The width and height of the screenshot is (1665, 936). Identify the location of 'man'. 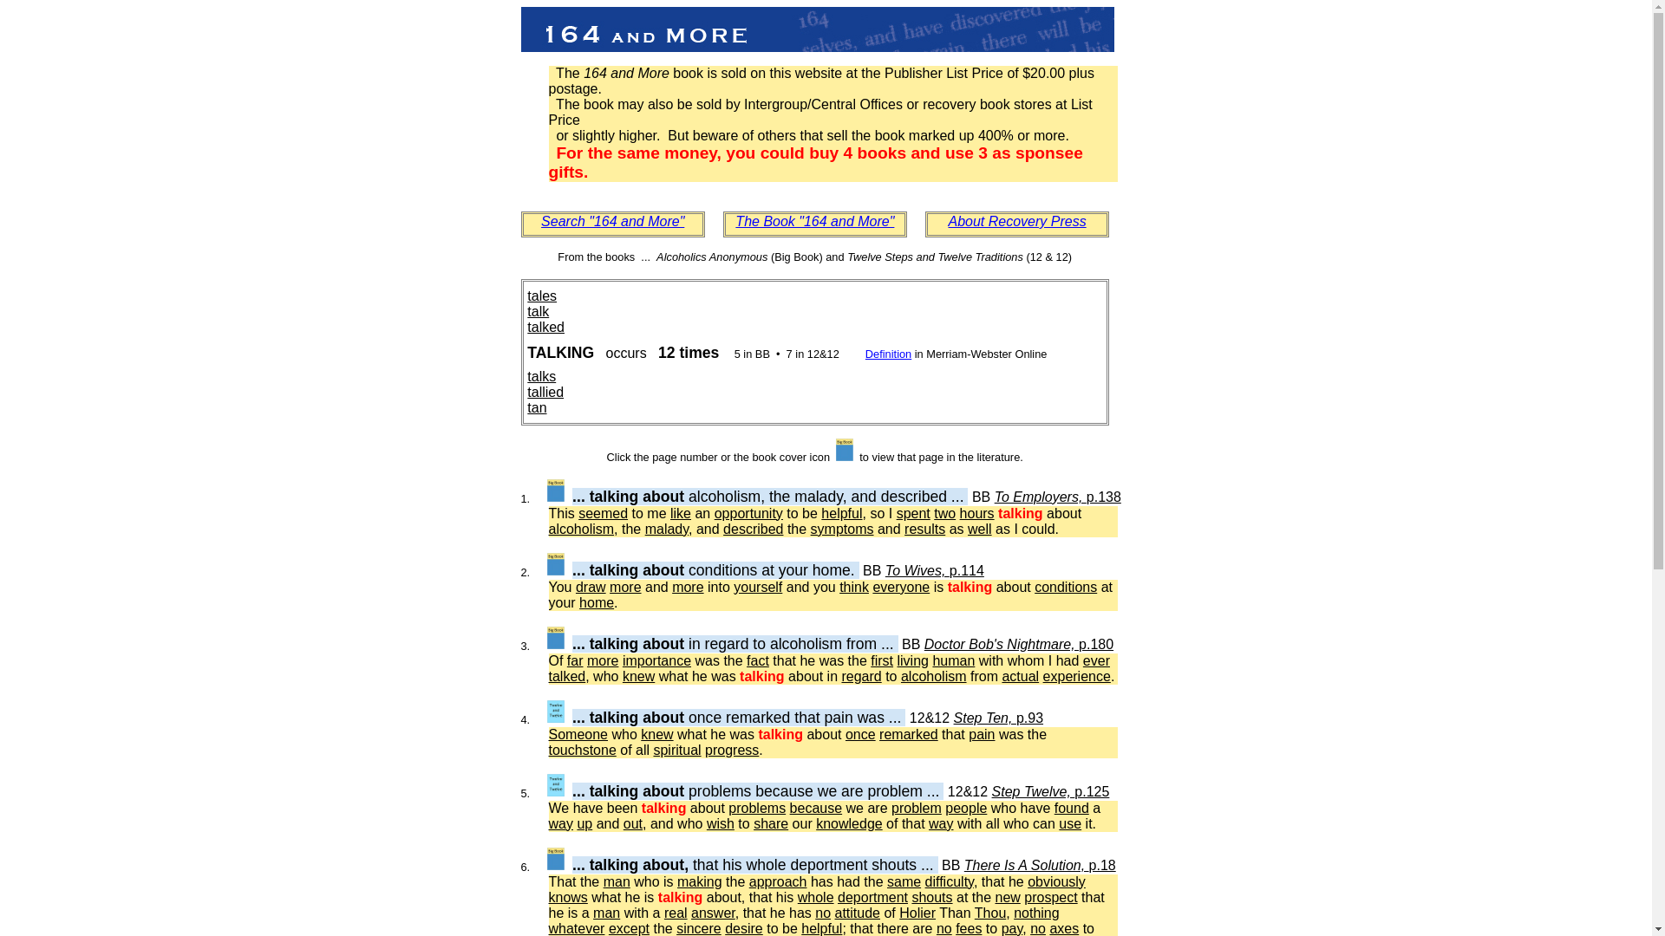
(617, 881).